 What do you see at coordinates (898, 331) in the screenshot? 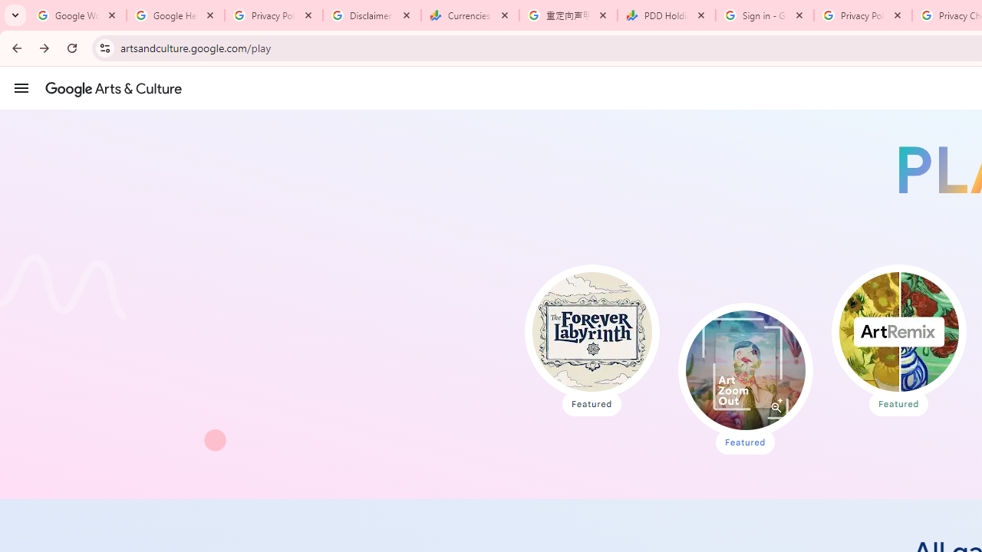
I see `'Art Remix'` at bounding box center [898, 331].